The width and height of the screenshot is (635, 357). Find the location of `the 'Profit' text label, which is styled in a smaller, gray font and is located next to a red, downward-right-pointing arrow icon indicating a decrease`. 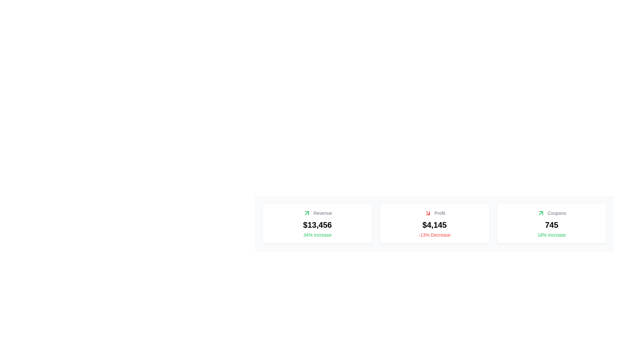

the 'Profit' text label, which is styled in a smaller, gray font and is located next to a red, downward-right-pointing arrow icon indicating a decrease is located at coordinates (435, 213).